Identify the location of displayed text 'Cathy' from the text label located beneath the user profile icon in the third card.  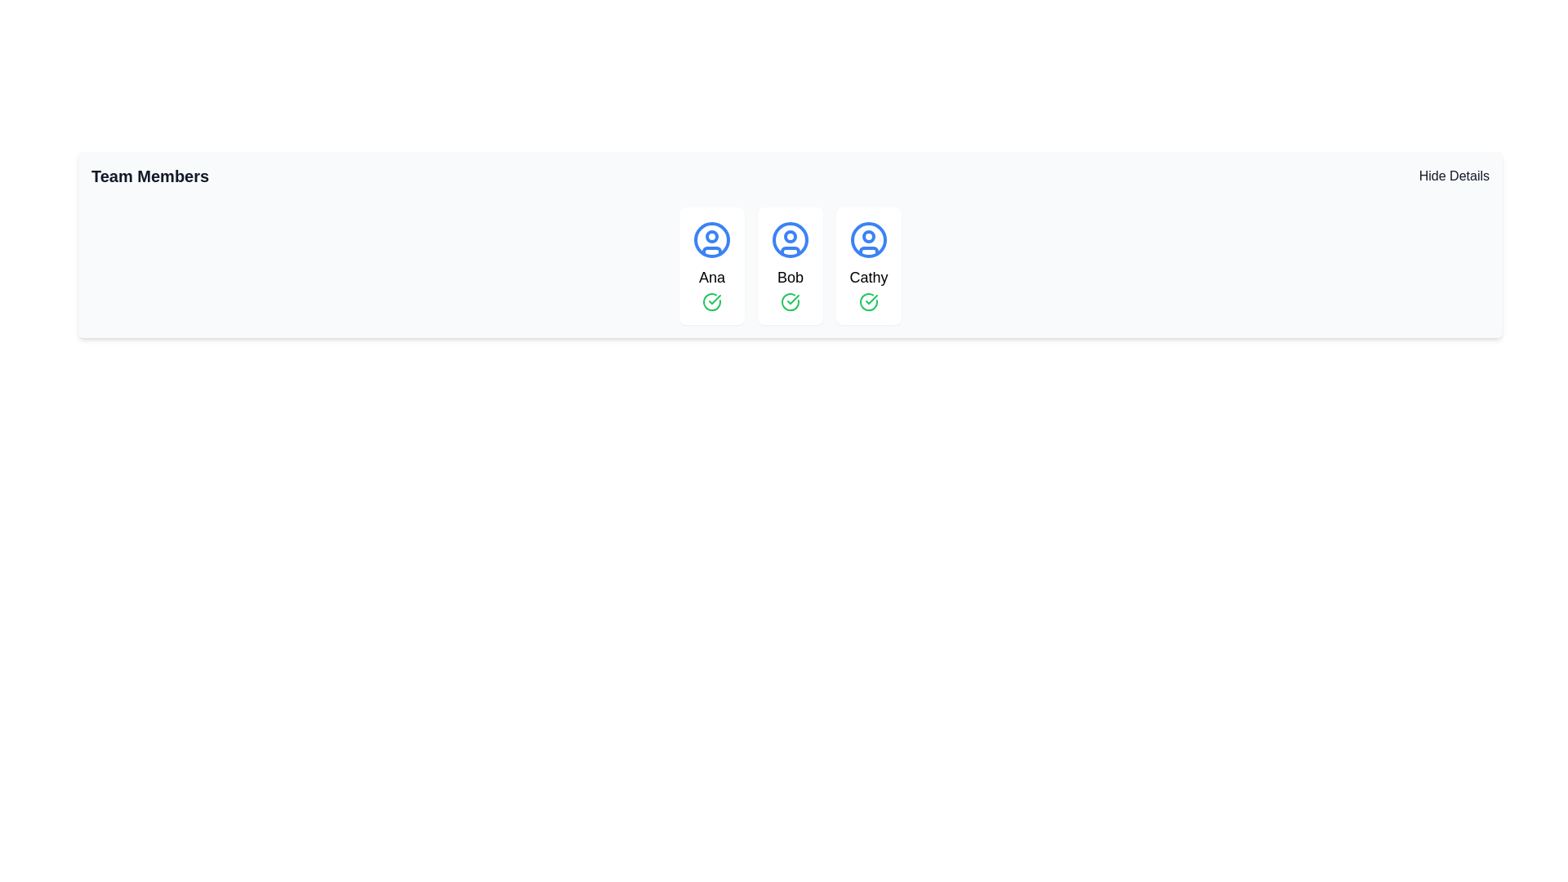
(868, 276).